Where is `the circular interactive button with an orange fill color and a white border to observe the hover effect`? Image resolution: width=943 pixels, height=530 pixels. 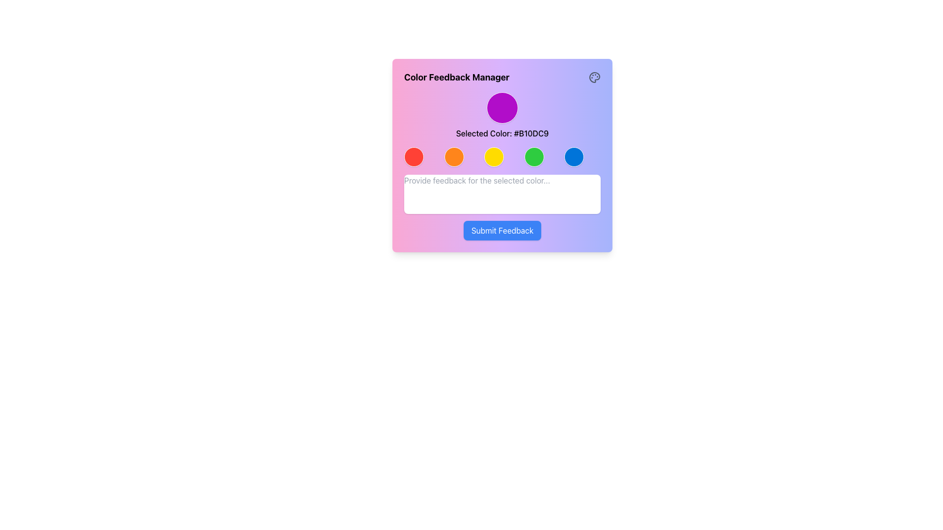
the circular interactive button with an orange fill color and a white border to observe the hover effect is located at coordinates (453, 157).